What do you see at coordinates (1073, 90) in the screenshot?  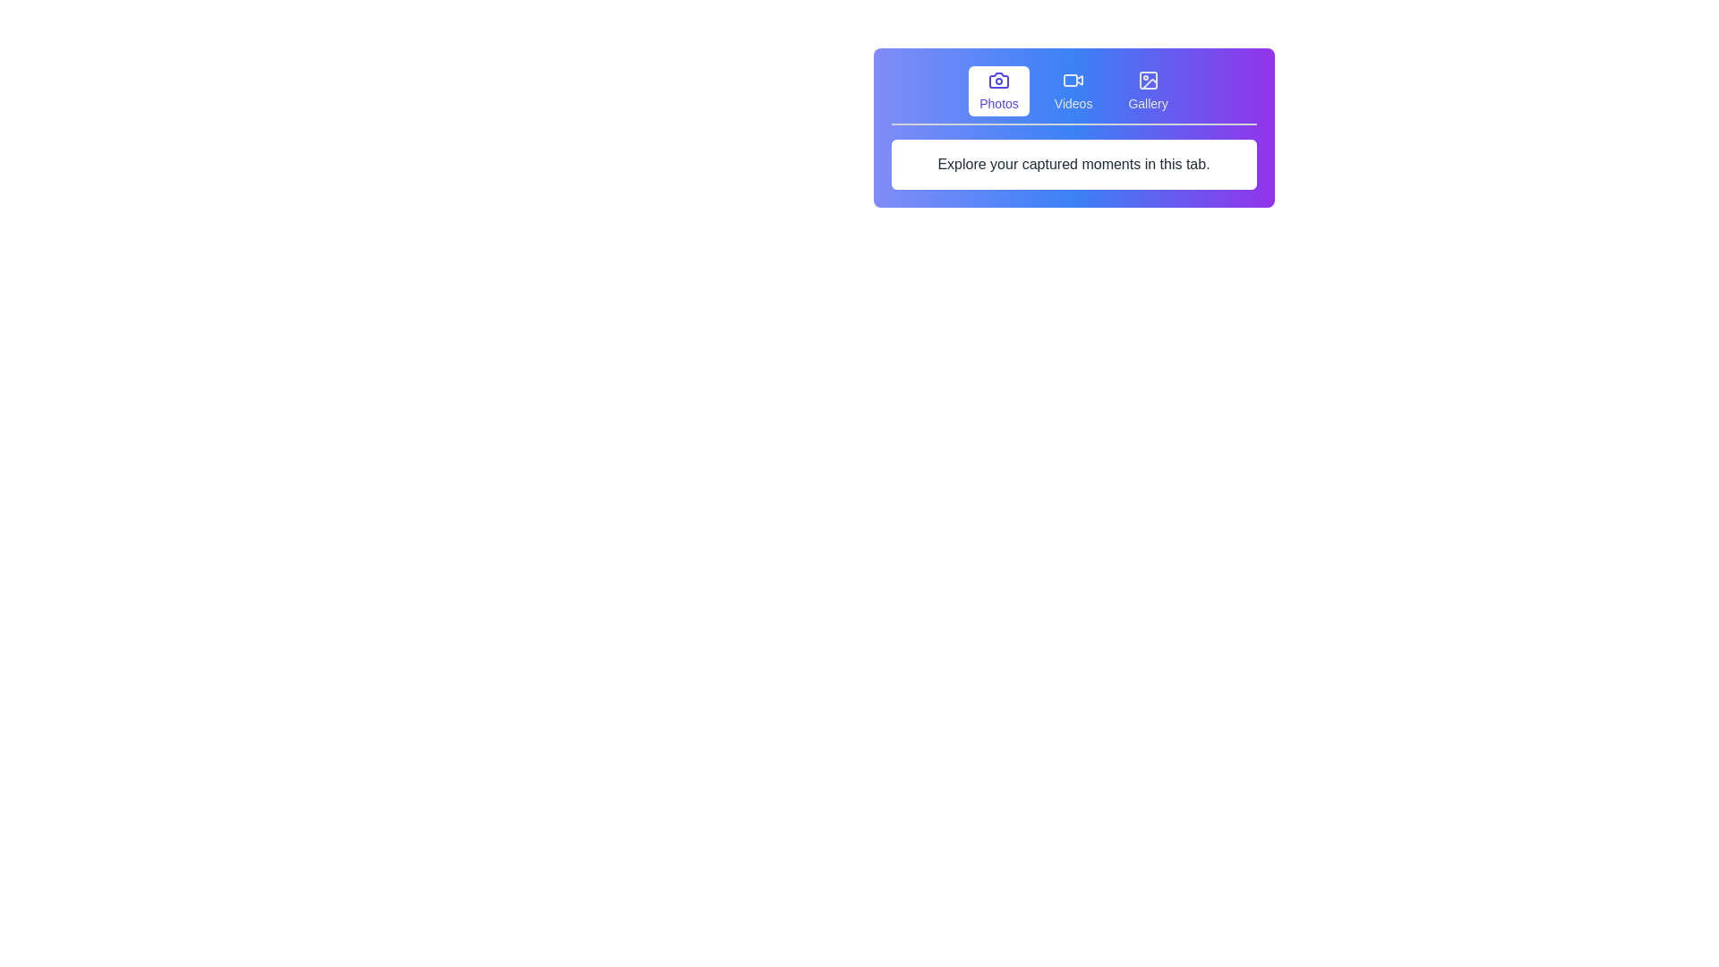 I see `the 'Videos' button, which is the second button in a row of three, featuring a video camera icon and gray text that changes to light indigo upon hover` at bounding box center [1073, 90].